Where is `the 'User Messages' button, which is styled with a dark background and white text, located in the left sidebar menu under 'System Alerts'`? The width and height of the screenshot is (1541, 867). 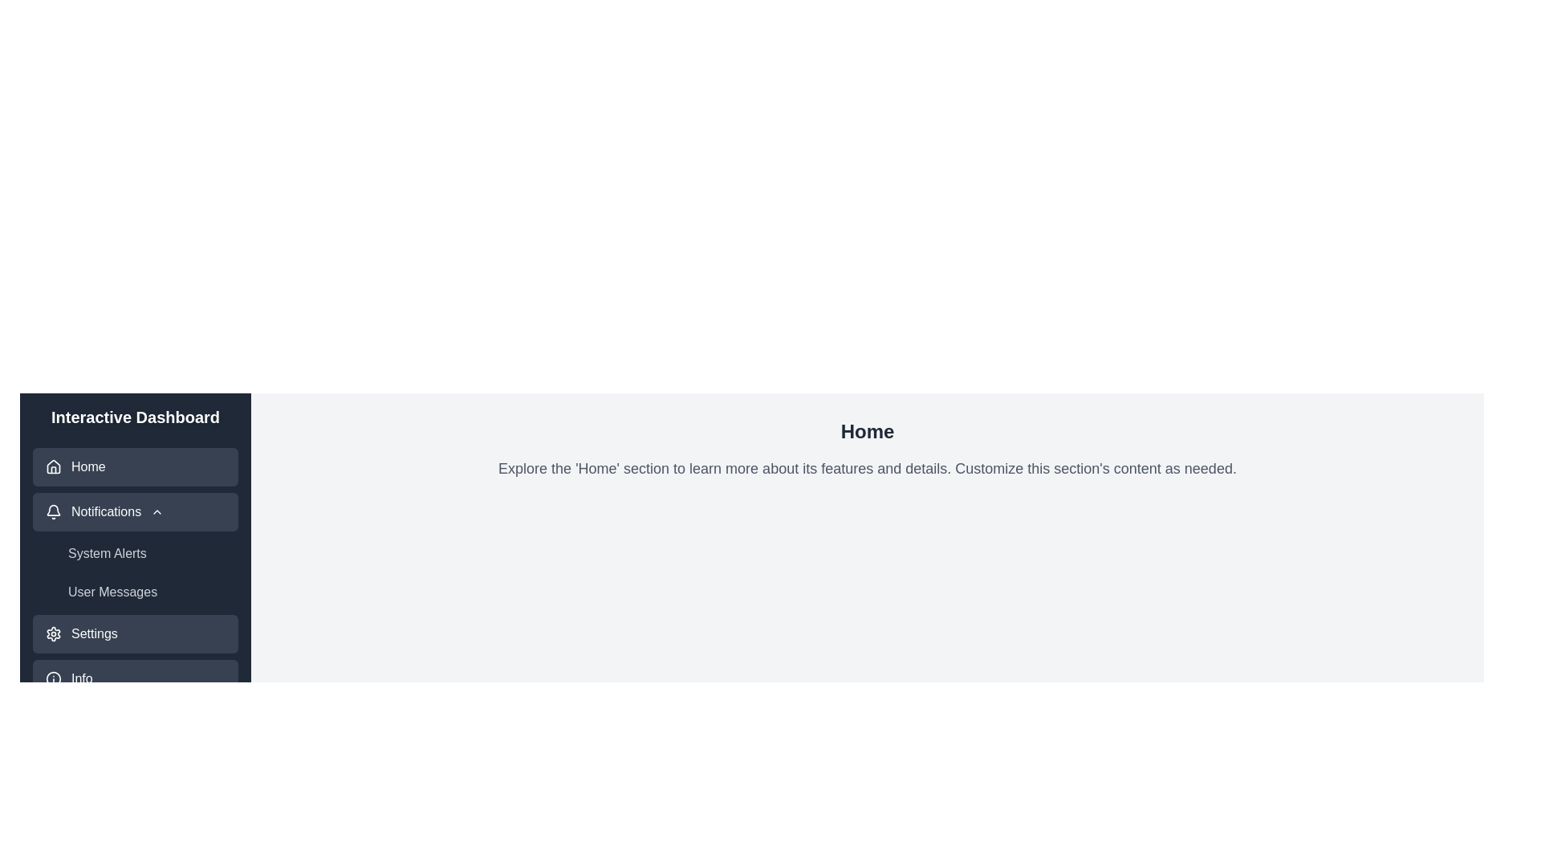
the 'User Messages' button, which is styled with a dark background and white text, located in the left sidebar menu under 'System Alerts' is located at coordinates (148, 592).